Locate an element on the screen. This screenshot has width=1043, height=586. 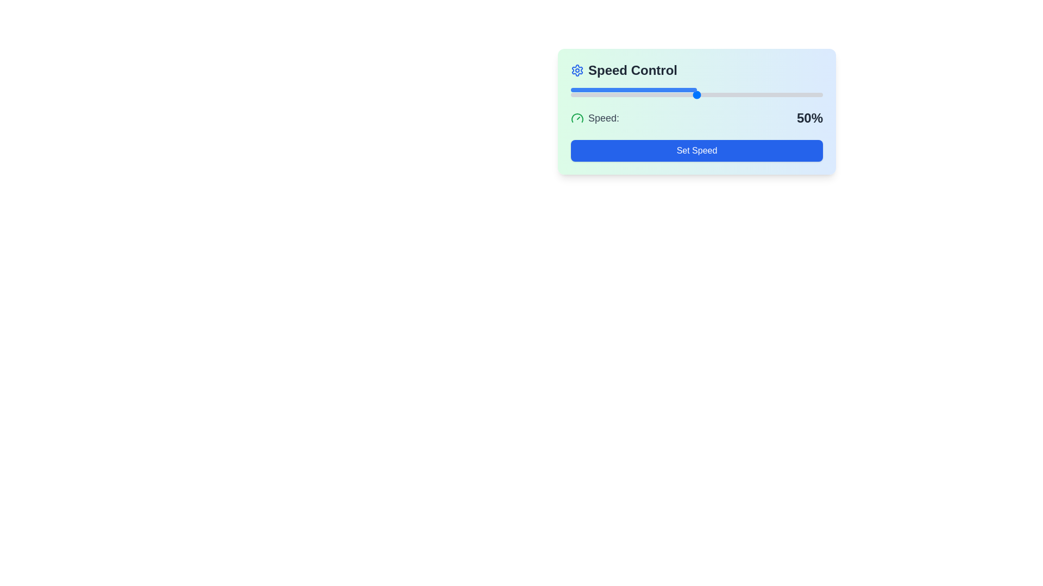
the slider is located at coordinates (800, 94).